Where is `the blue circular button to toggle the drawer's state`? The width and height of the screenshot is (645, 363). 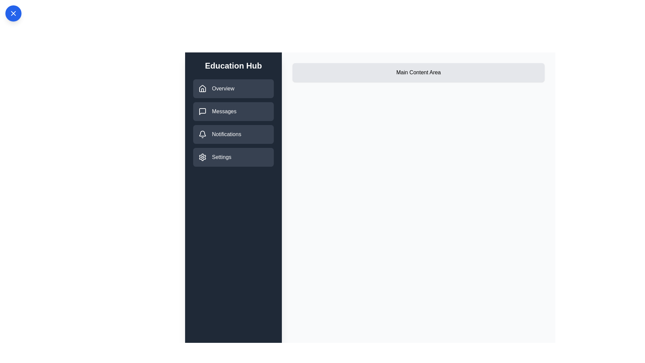 the blue circular button to toggle the drawer's state is located at coordinates (13, 13).